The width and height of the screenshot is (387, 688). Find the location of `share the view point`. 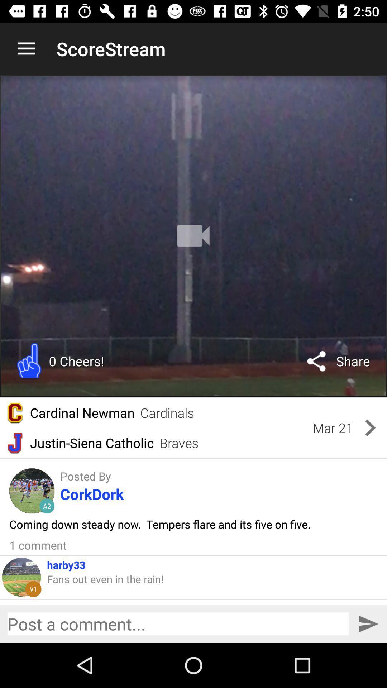

share the view point is located at coordinates (178, 623).